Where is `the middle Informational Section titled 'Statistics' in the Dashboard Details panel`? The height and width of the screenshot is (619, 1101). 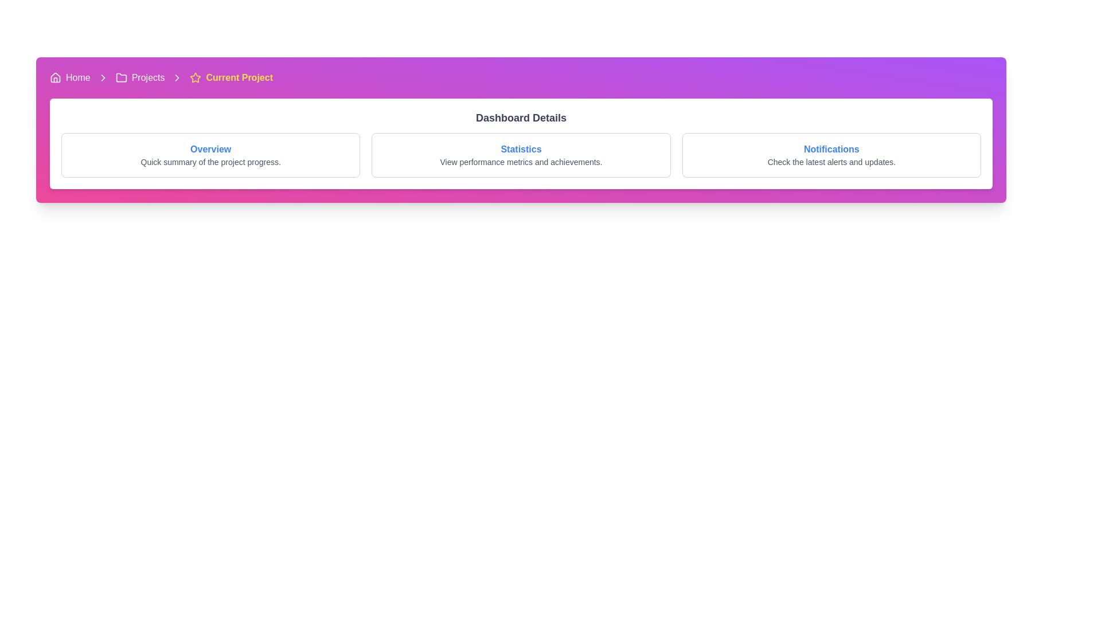 the middle Informational Section titled 'Statistics' in the Dashboard Details panel is located at coordinates (520, 155).